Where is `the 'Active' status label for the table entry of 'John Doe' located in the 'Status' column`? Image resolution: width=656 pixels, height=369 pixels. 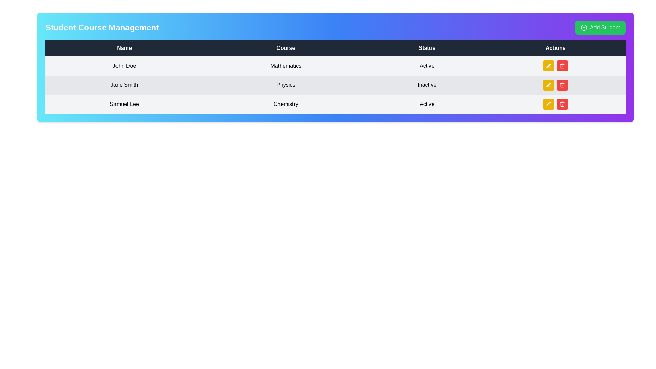 the 'Active' status label for the table entry of 'John Doe' located in the 'Status' column is located at coordinates (426, 66).